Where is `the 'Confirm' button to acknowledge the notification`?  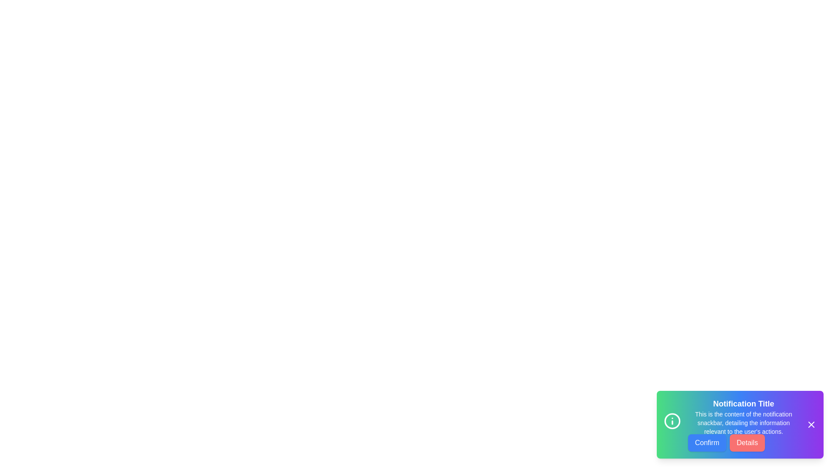 the 'Confirm' button to acknowledge the notification is located at coordinates (707, 443).